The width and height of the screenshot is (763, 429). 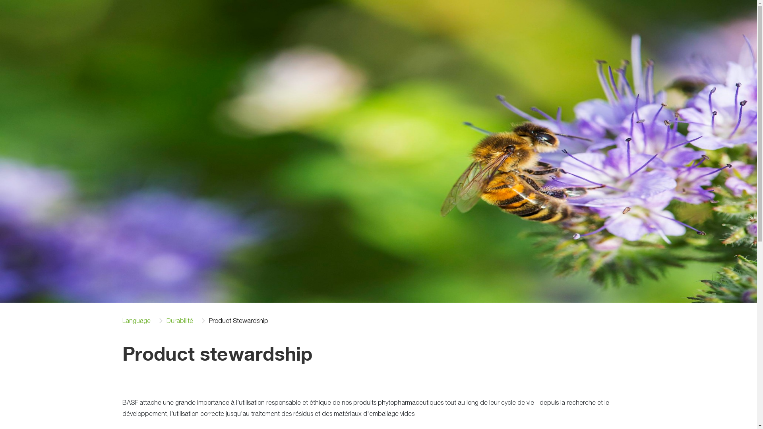 What do you see at coordinates (136, 320) in the screenshot?
I see `'Language'` at bounding box center [136, 320].